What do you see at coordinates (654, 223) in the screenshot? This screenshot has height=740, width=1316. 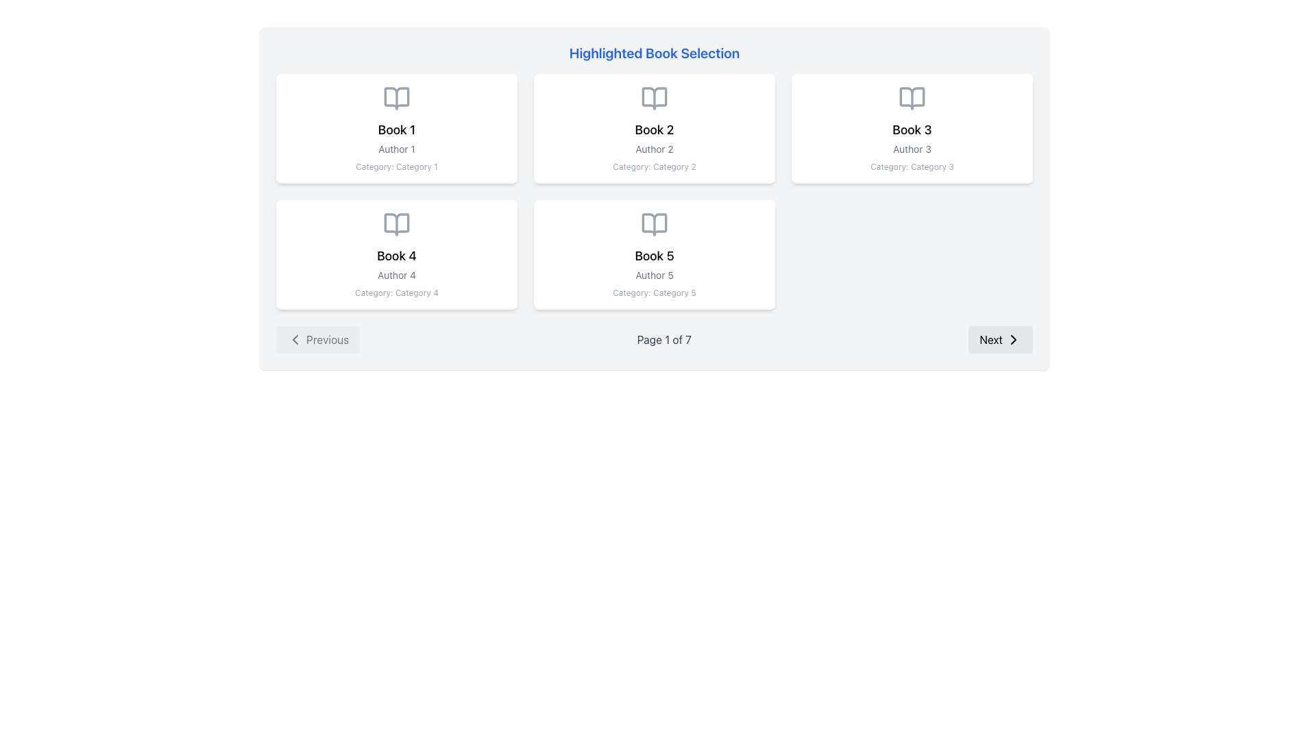 I see `the book icon located in the card titled 'Book 5', which is situated in the second row and third column of the grid layout` at bounding box center [654, 223].